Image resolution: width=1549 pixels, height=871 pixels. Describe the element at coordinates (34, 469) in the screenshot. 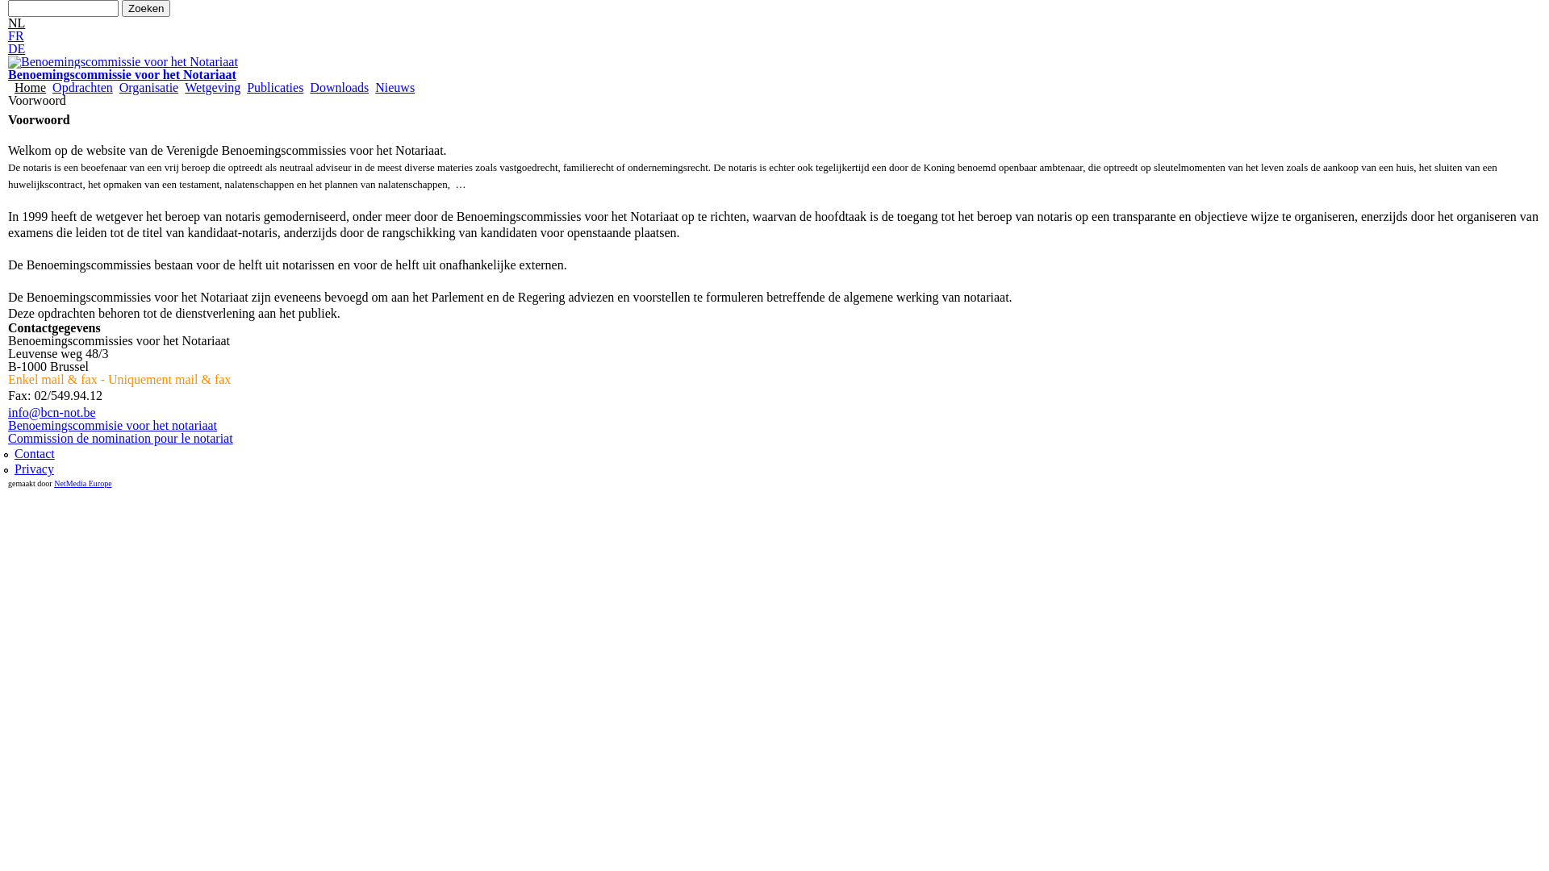

I see `'Privacy'` at that location.